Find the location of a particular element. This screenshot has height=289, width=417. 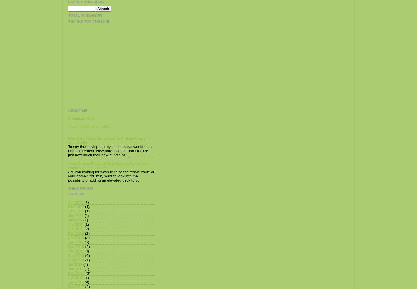

'May 2018' is located at coordinates (76, 273).